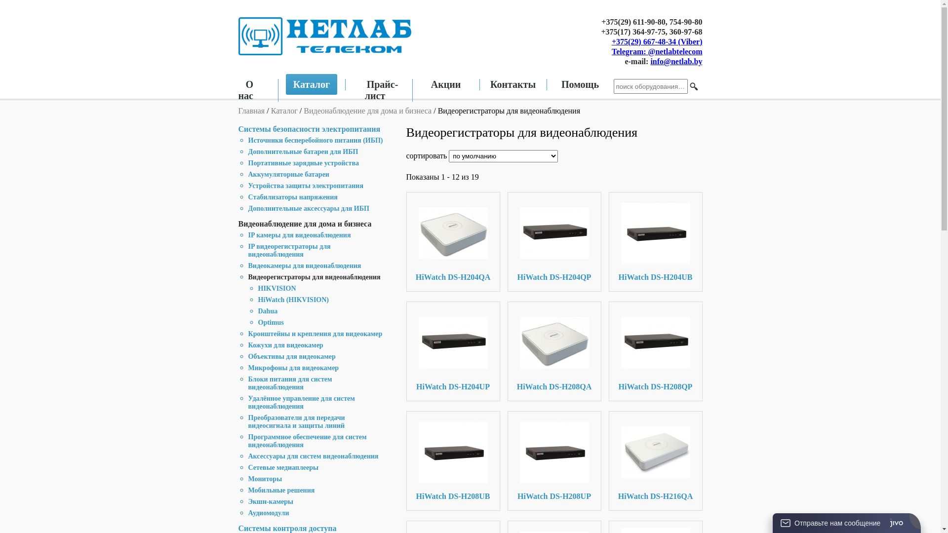 Image resolution: width=948 pixels, height=533 pixels. I want to click on 'HiWatch DS-H204QP', so click(554, 277).